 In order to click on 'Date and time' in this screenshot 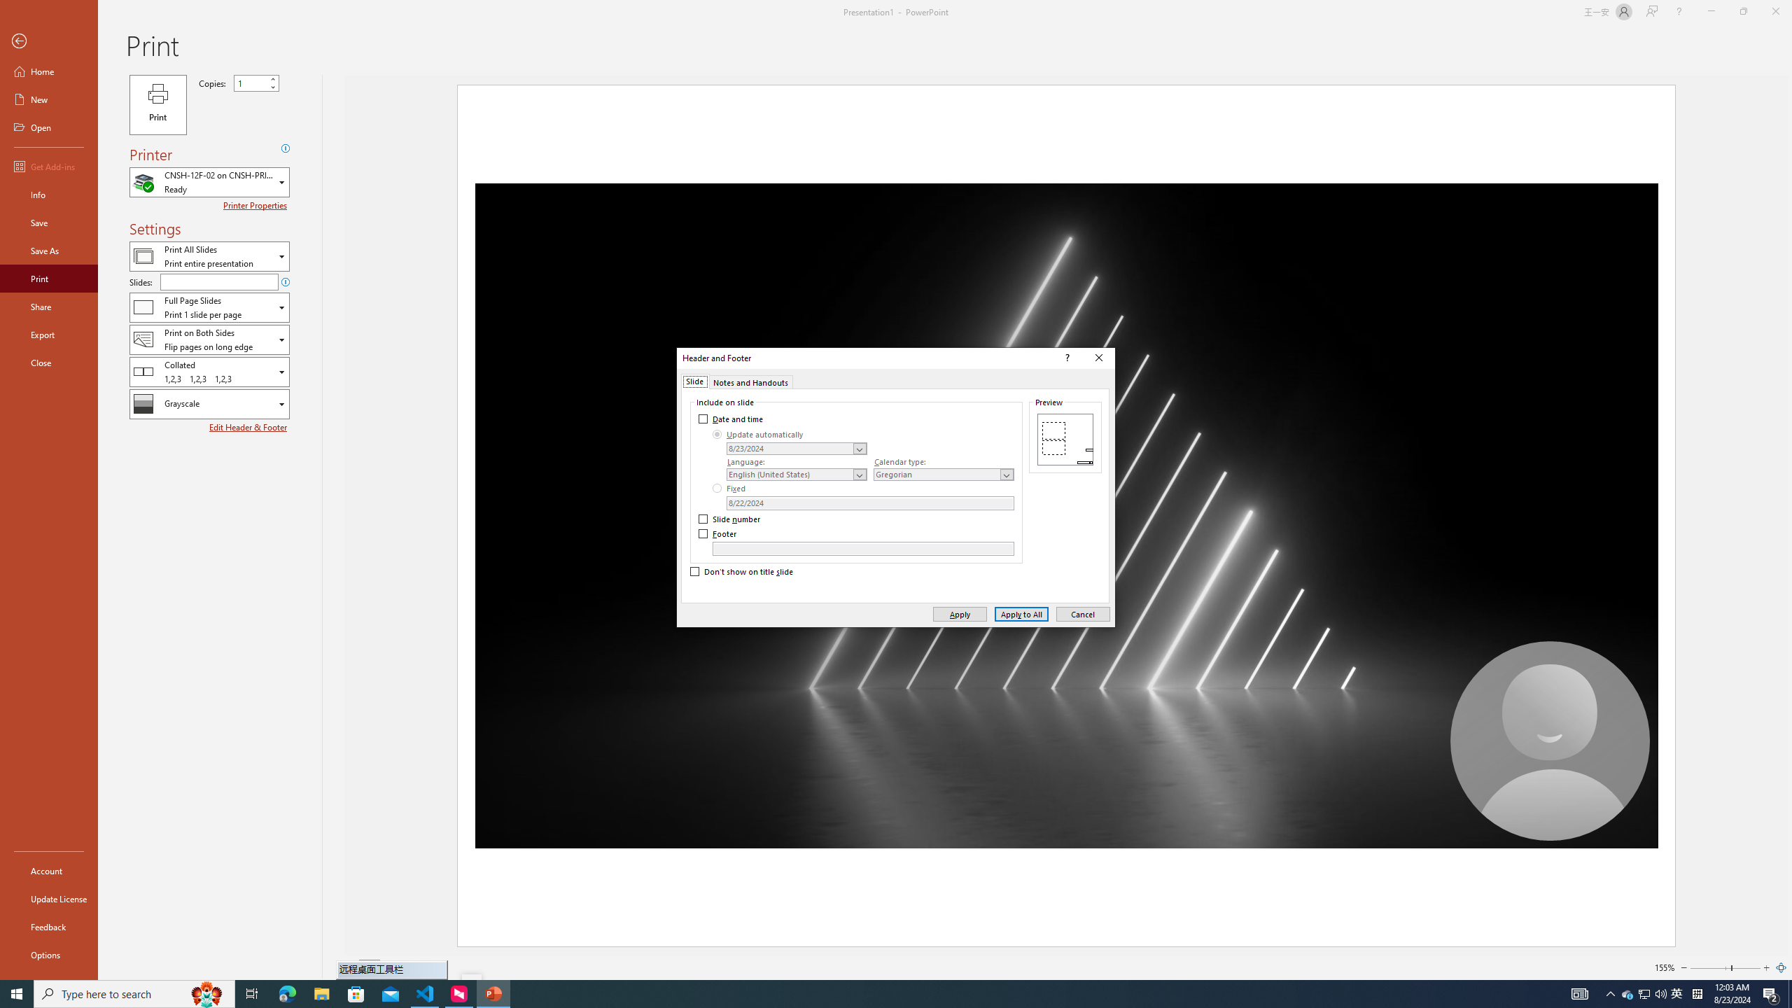, I will do `click(731, 419)`.